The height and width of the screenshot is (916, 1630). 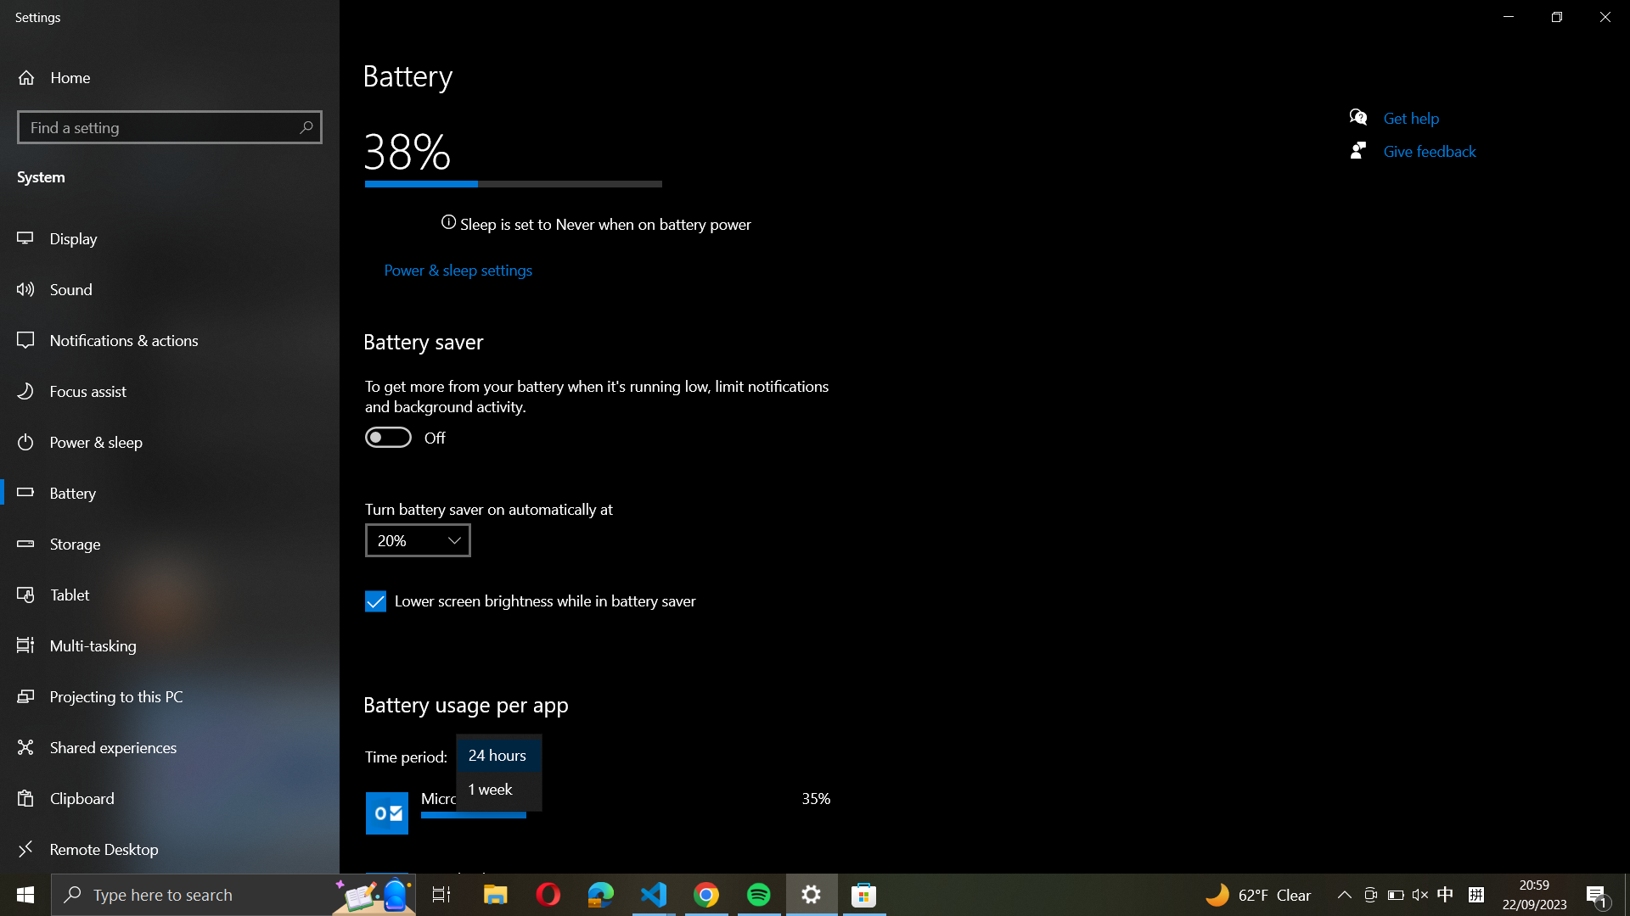 What do you see at coordinates (456, 271) in the screenshot?
I see `the Power & sleep settings from the left menu` at bounding box center [456, 271].